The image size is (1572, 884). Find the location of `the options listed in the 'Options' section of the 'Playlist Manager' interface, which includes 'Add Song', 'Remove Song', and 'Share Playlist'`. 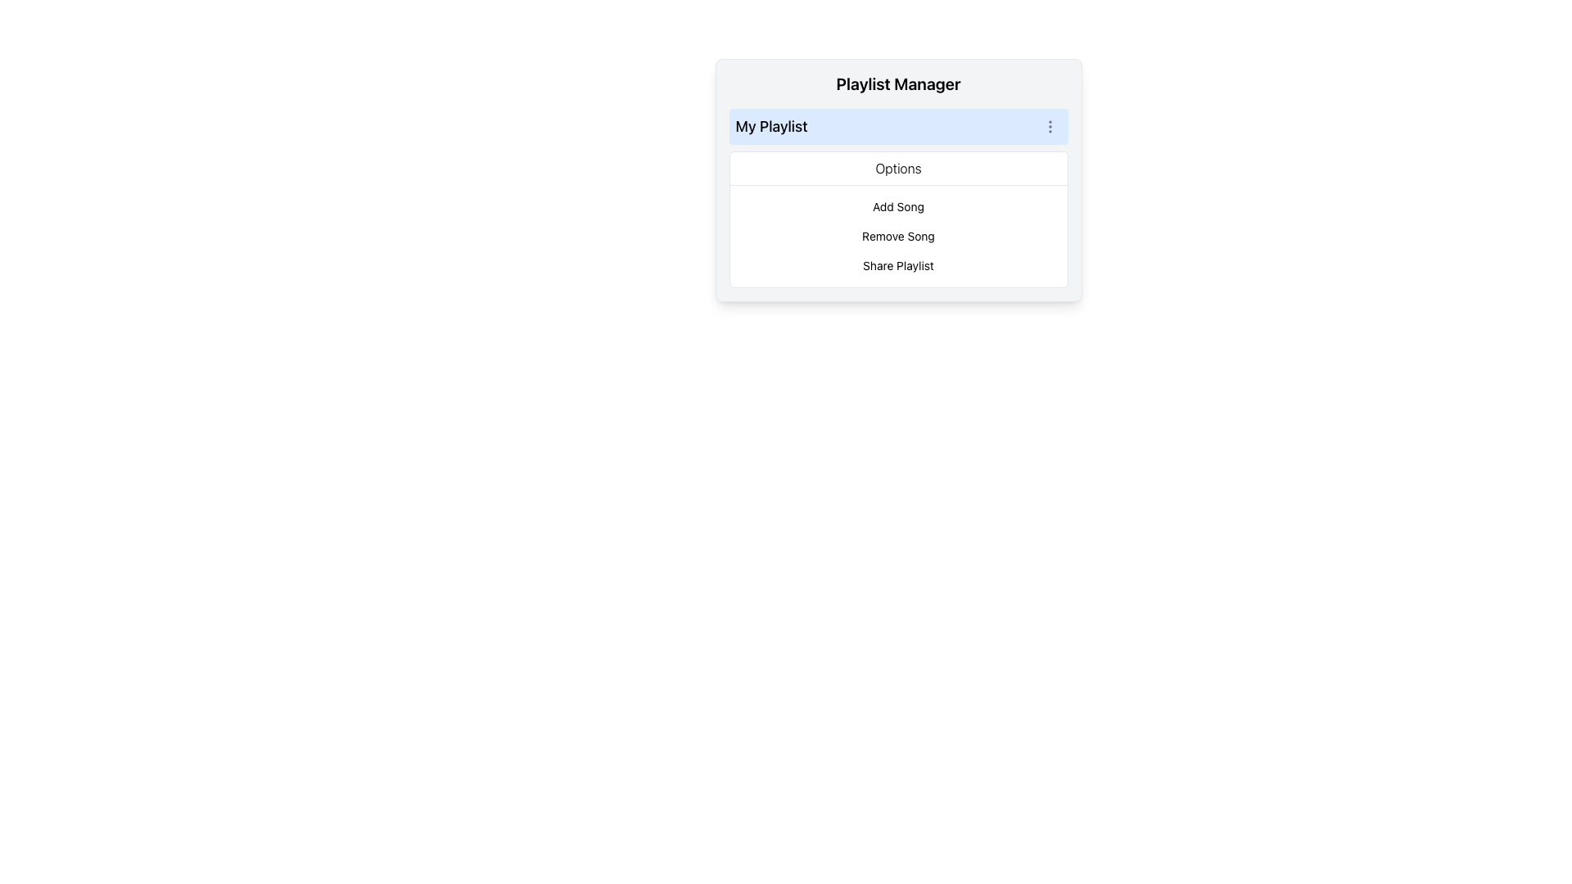

the options listed in the 'Options' section of the 'Playlist Manager' interface, which includes 'Add Song', 'Remove Song', and 'Share Playlist' is located at coordinates (897, 197).